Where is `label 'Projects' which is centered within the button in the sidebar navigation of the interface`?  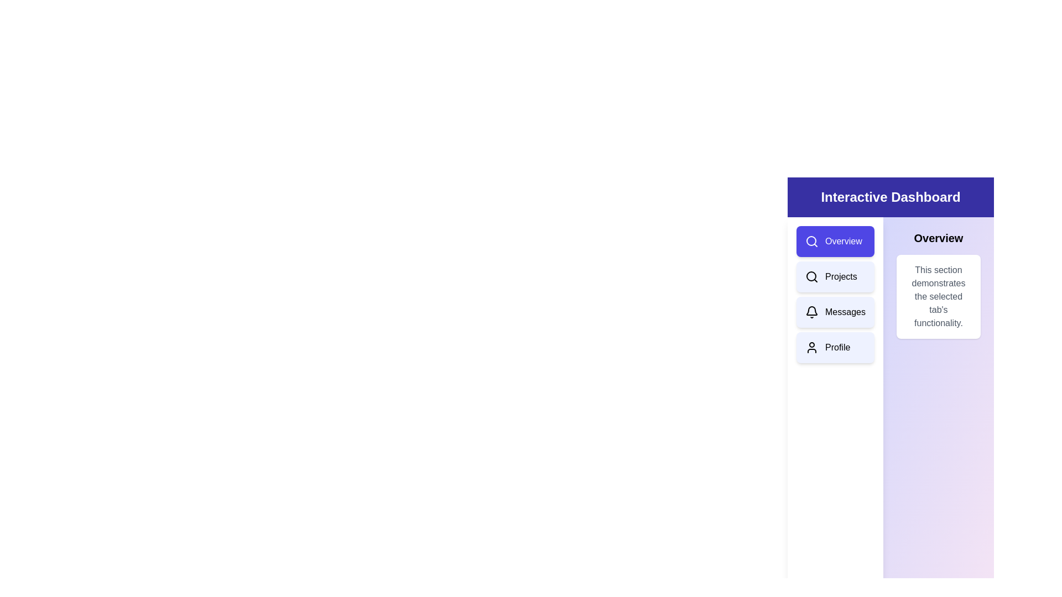 label 'Projects' which is centered within the button in the sidebar navigation of the interface is located at coordinates (841, 276).